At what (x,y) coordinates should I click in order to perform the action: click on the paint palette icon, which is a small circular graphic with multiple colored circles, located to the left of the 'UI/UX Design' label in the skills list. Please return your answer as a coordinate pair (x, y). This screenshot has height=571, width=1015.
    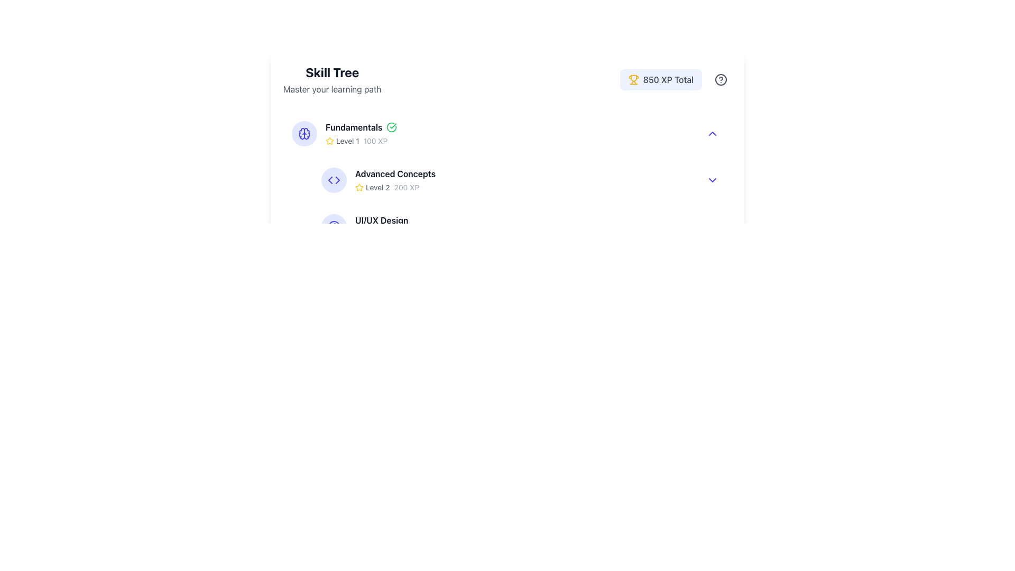
    Looking at the image, I should click on (334, 226).